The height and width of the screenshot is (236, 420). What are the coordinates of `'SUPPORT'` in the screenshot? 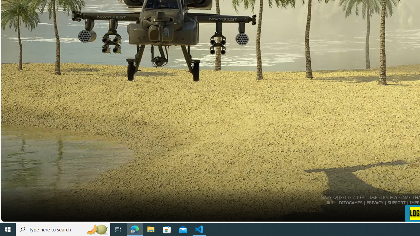 It's located at (396, 202).